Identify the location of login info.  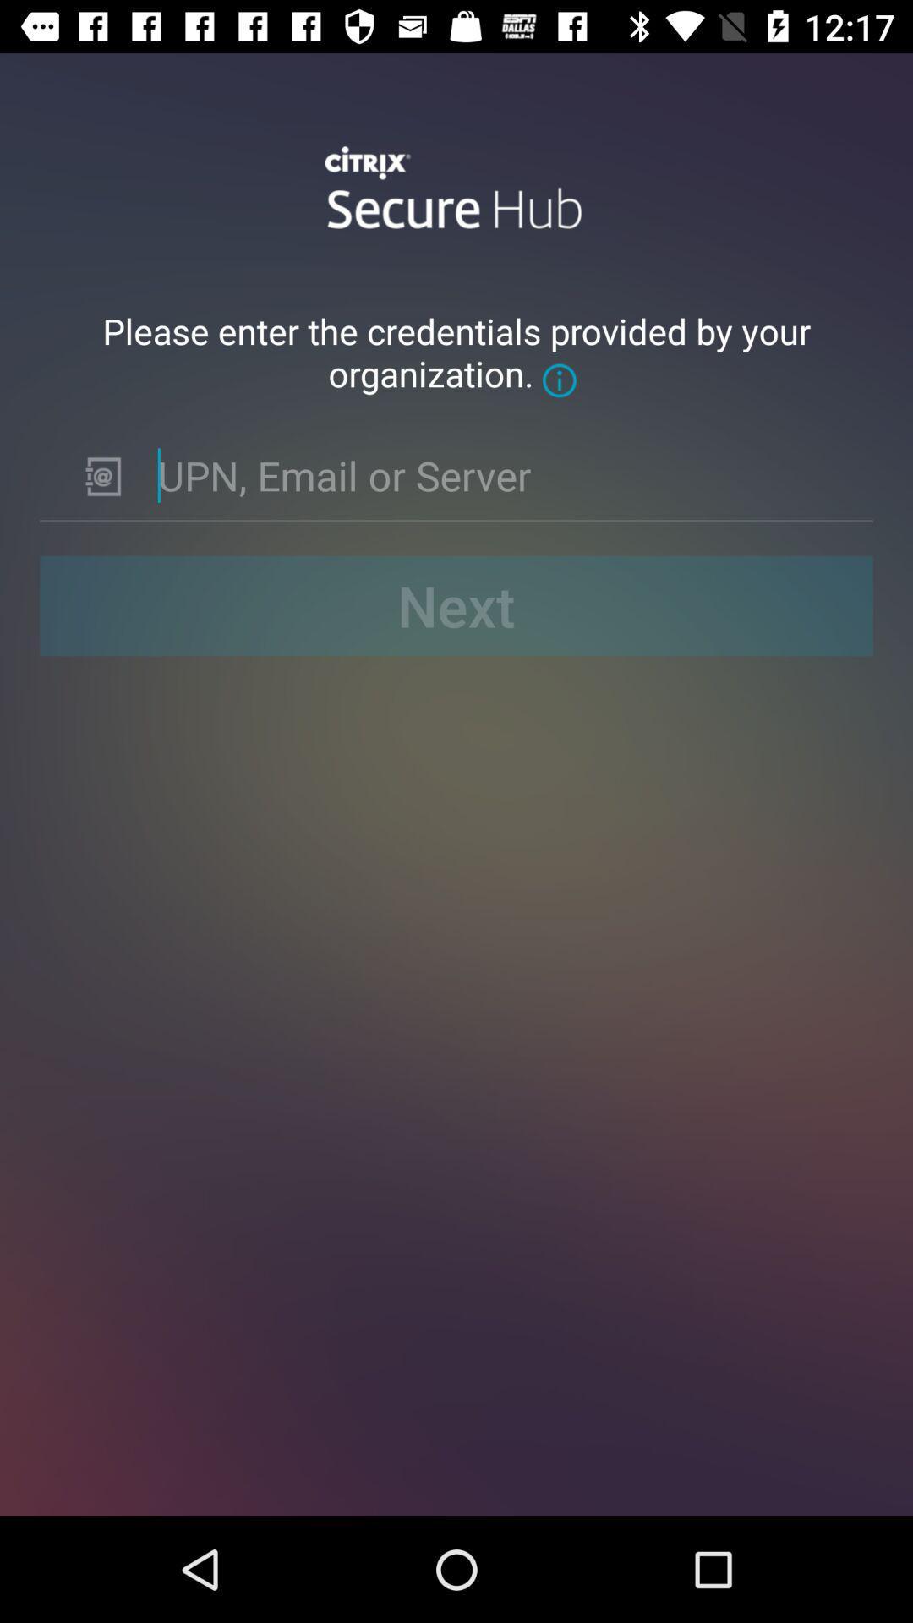
(501, 474).